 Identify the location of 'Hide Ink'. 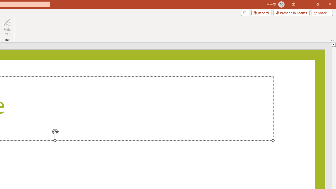
(7, 22).